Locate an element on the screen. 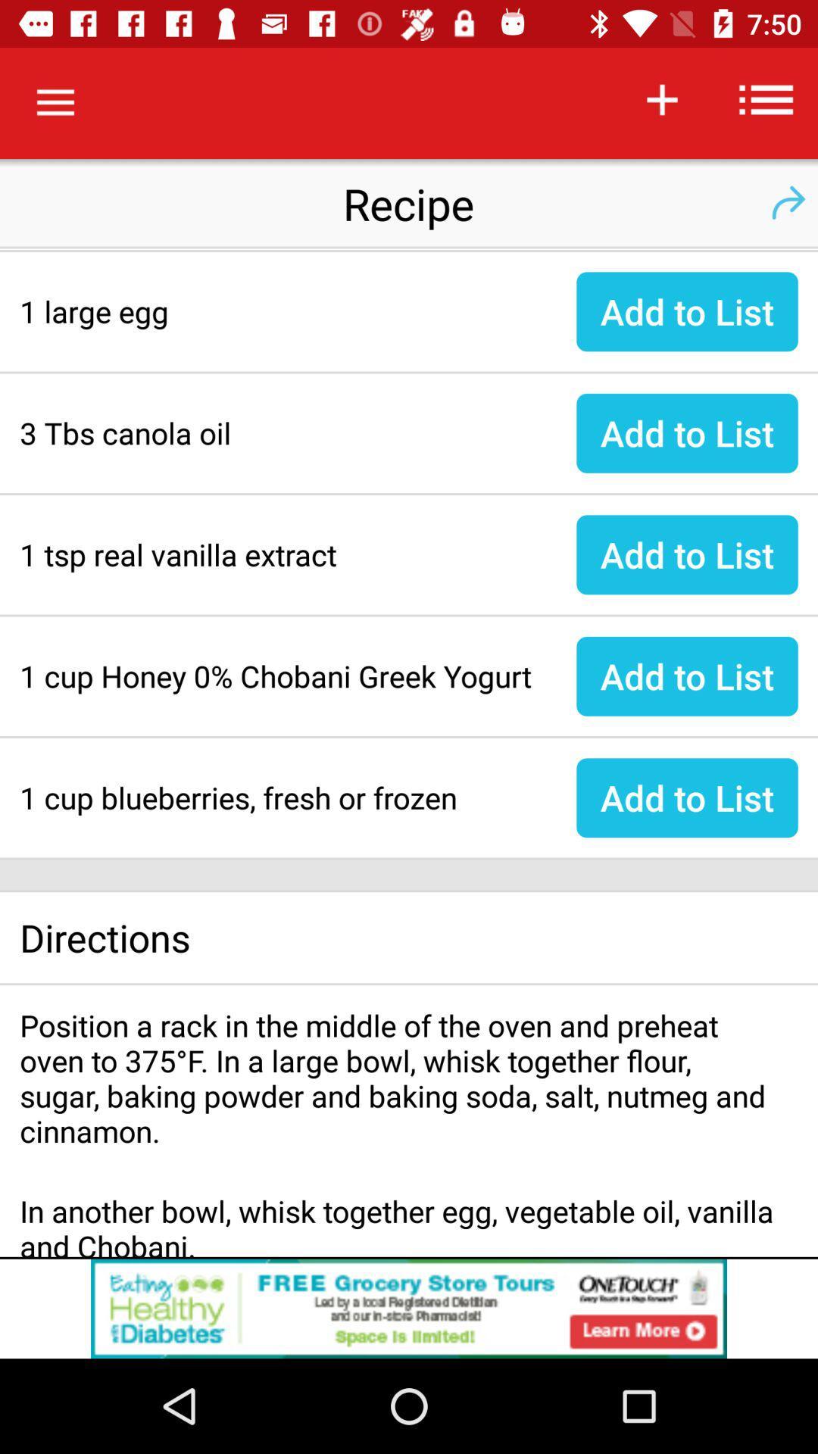  the redo icon is located at coordinates (787, 202).